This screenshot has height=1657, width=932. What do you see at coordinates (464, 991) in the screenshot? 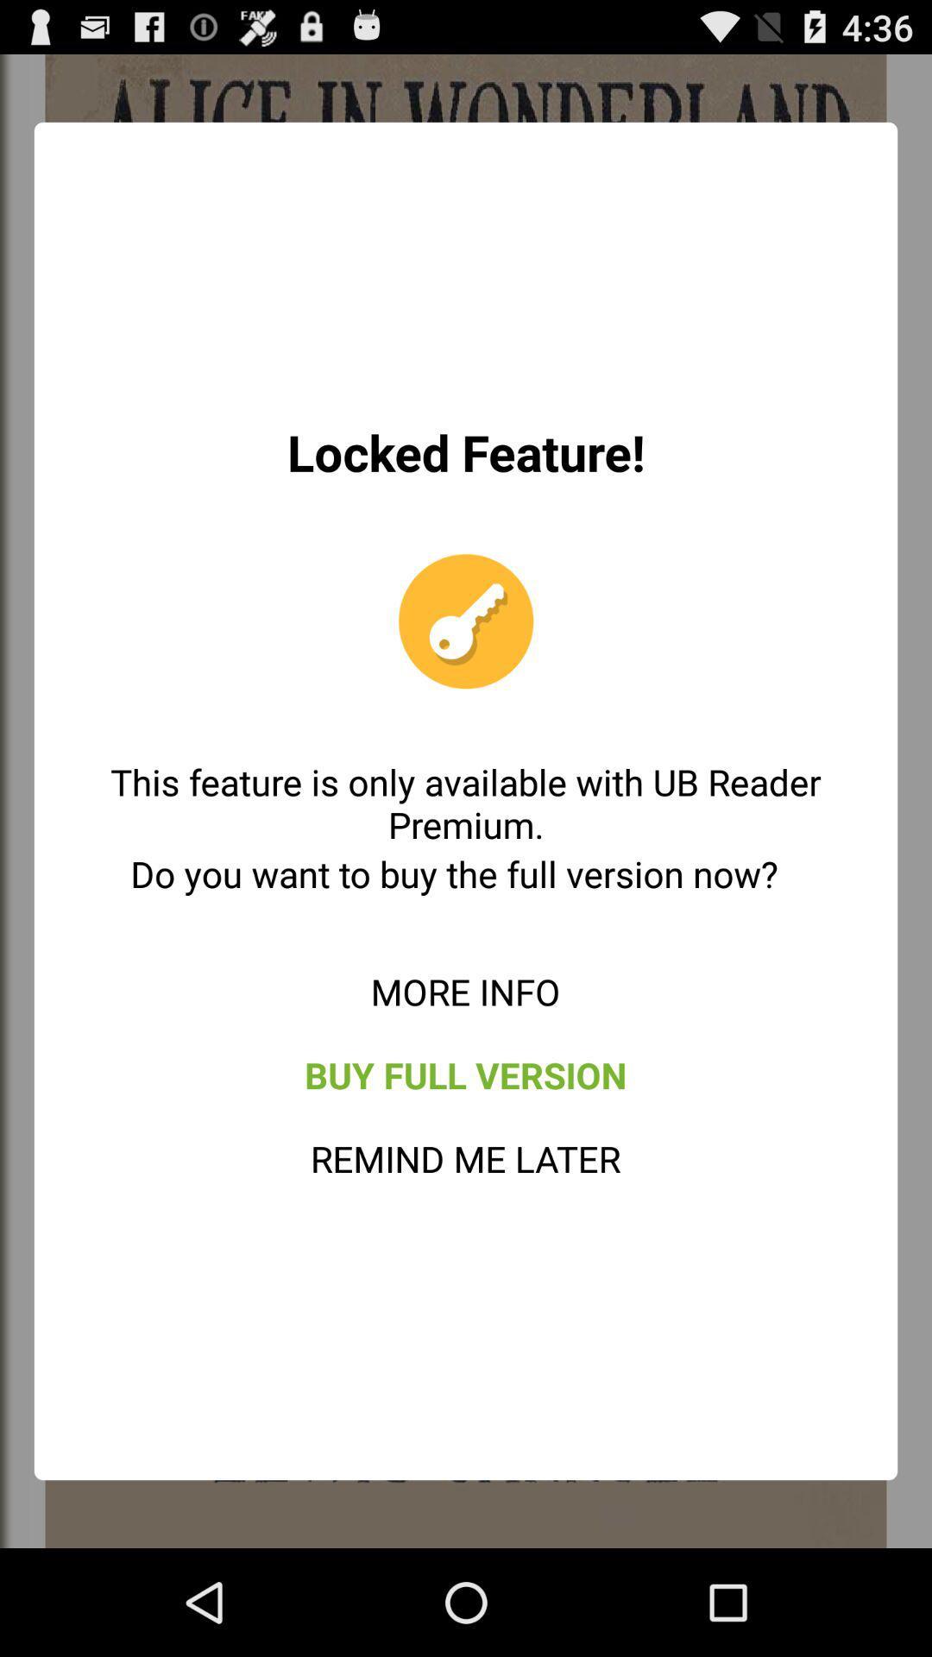
I see `the more info` at bounding box center [464, 991].